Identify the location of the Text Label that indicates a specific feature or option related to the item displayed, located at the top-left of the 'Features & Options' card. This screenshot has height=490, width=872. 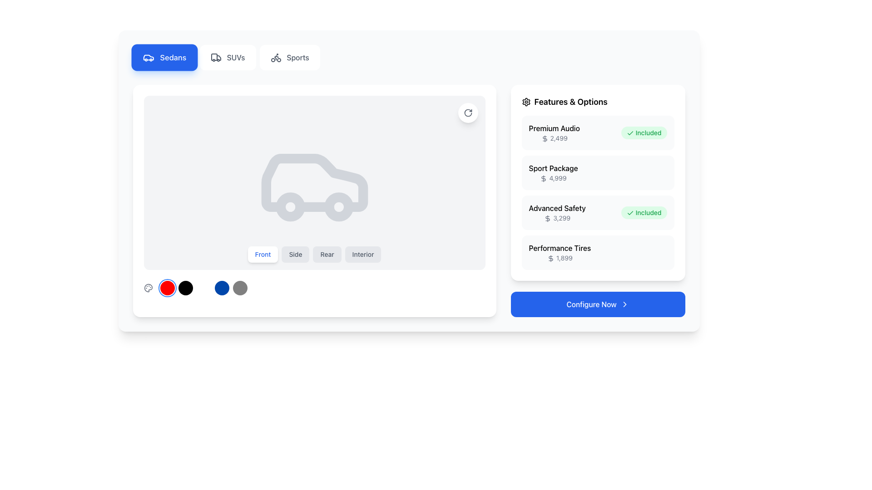
(554, 128).